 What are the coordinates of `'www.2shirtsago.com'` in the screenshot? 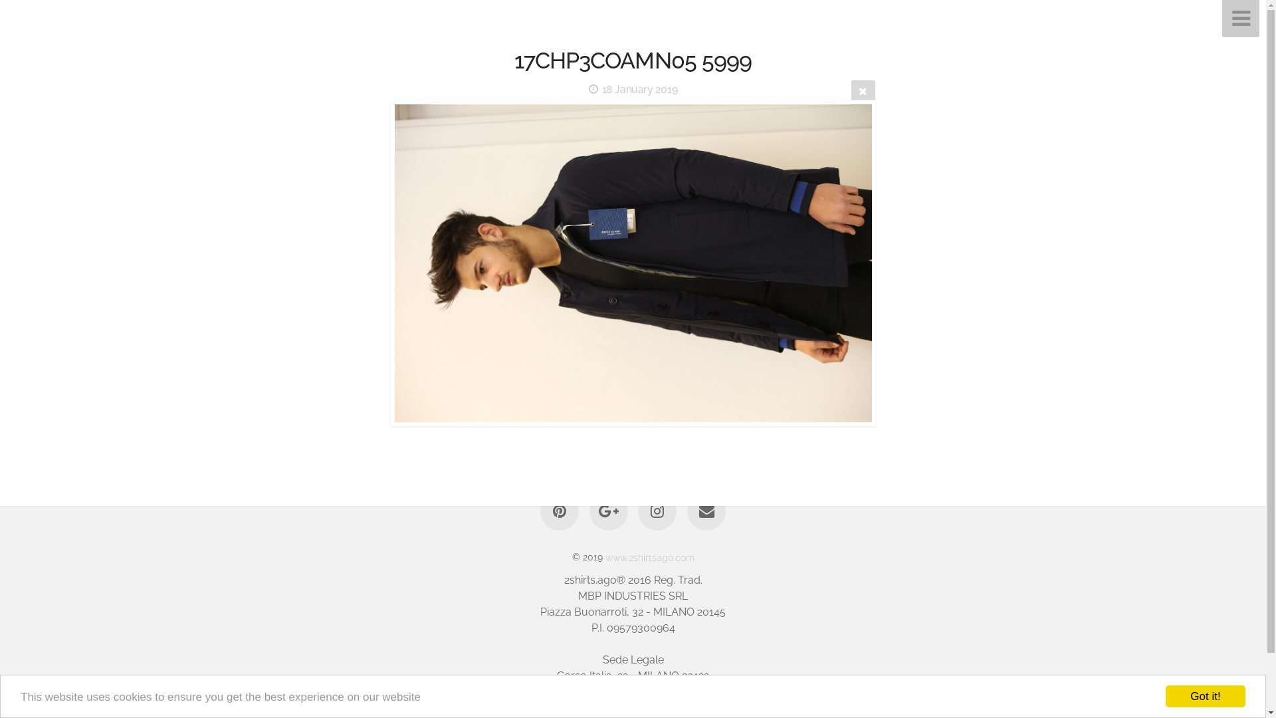 It's located at (649, 556).